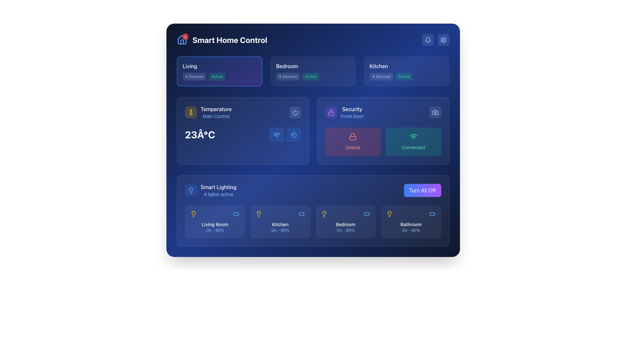 Image resolution: width=629 pixels, height=354 pixels. What do you see at coordinates (352, 147) in the screenshot?
I see `the Text Label indicating the status of unlocking a security feature, located at the bottom of the 'Security' section, under the lock icon` at bounding box center [352, 147].